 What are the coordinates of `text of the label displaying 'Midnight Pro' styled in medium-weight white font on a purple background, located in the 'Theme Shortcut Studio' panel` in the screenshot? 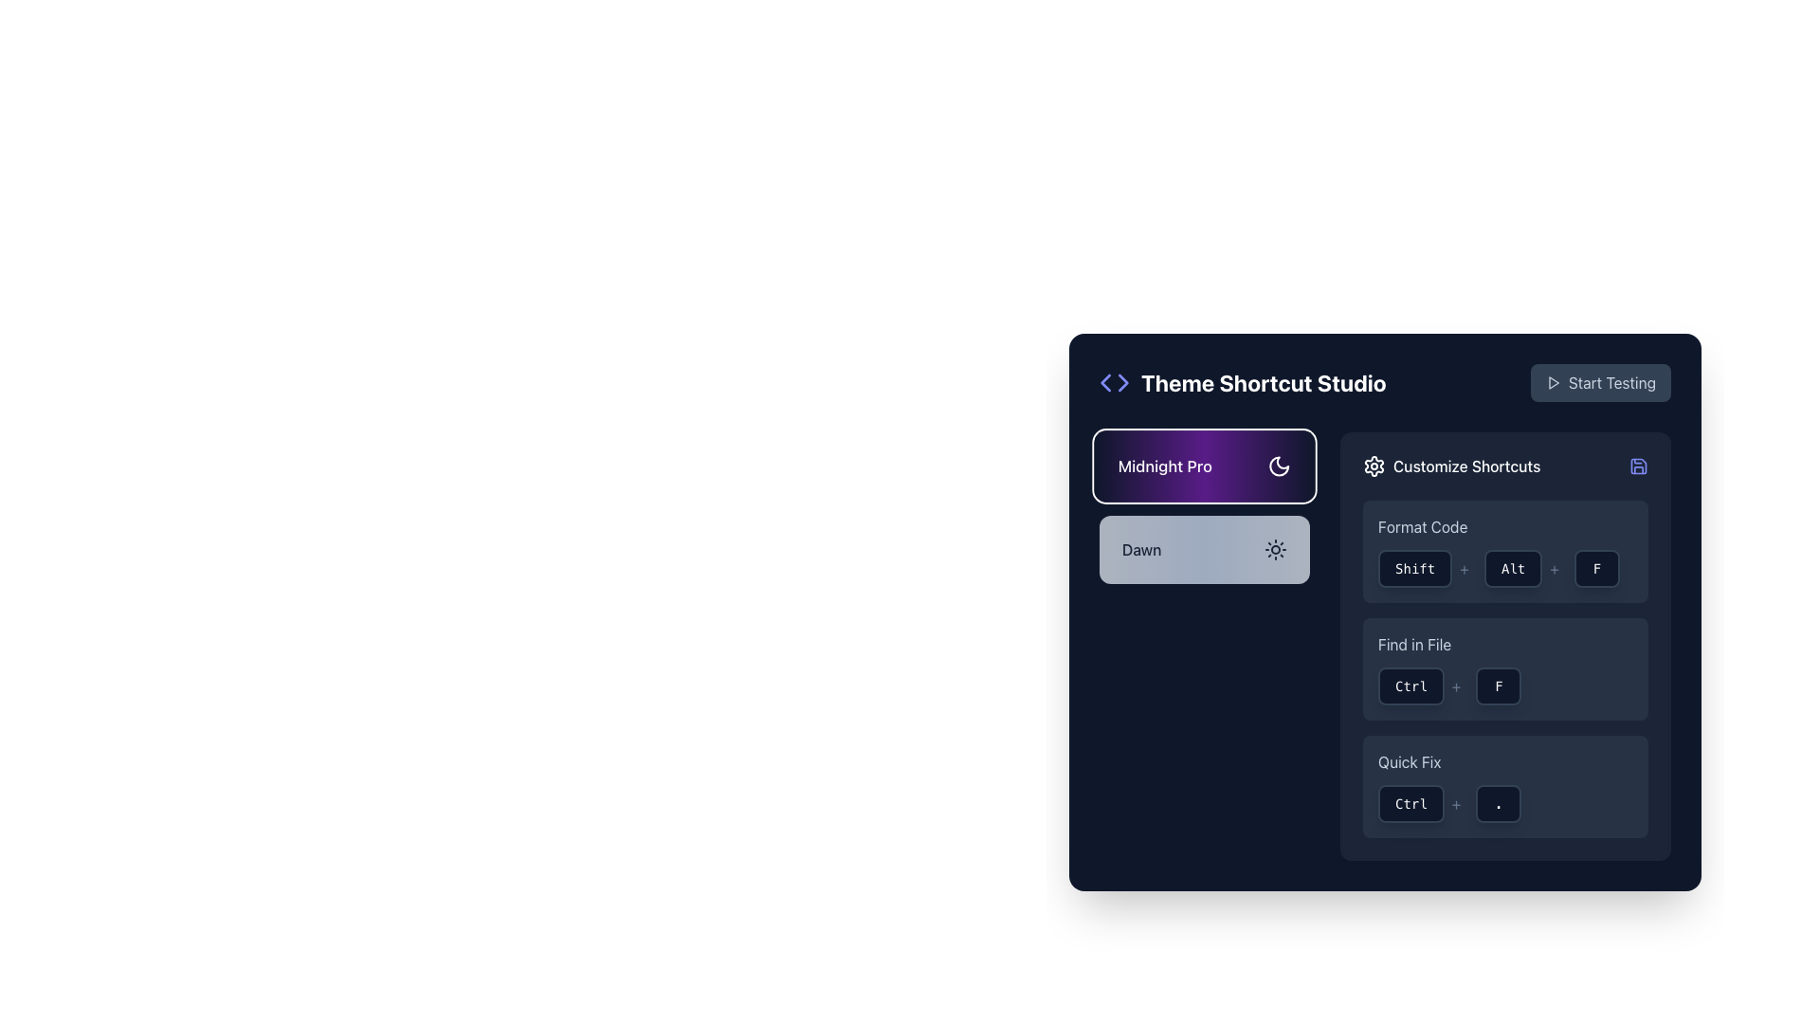 It's located at (1164, 466).